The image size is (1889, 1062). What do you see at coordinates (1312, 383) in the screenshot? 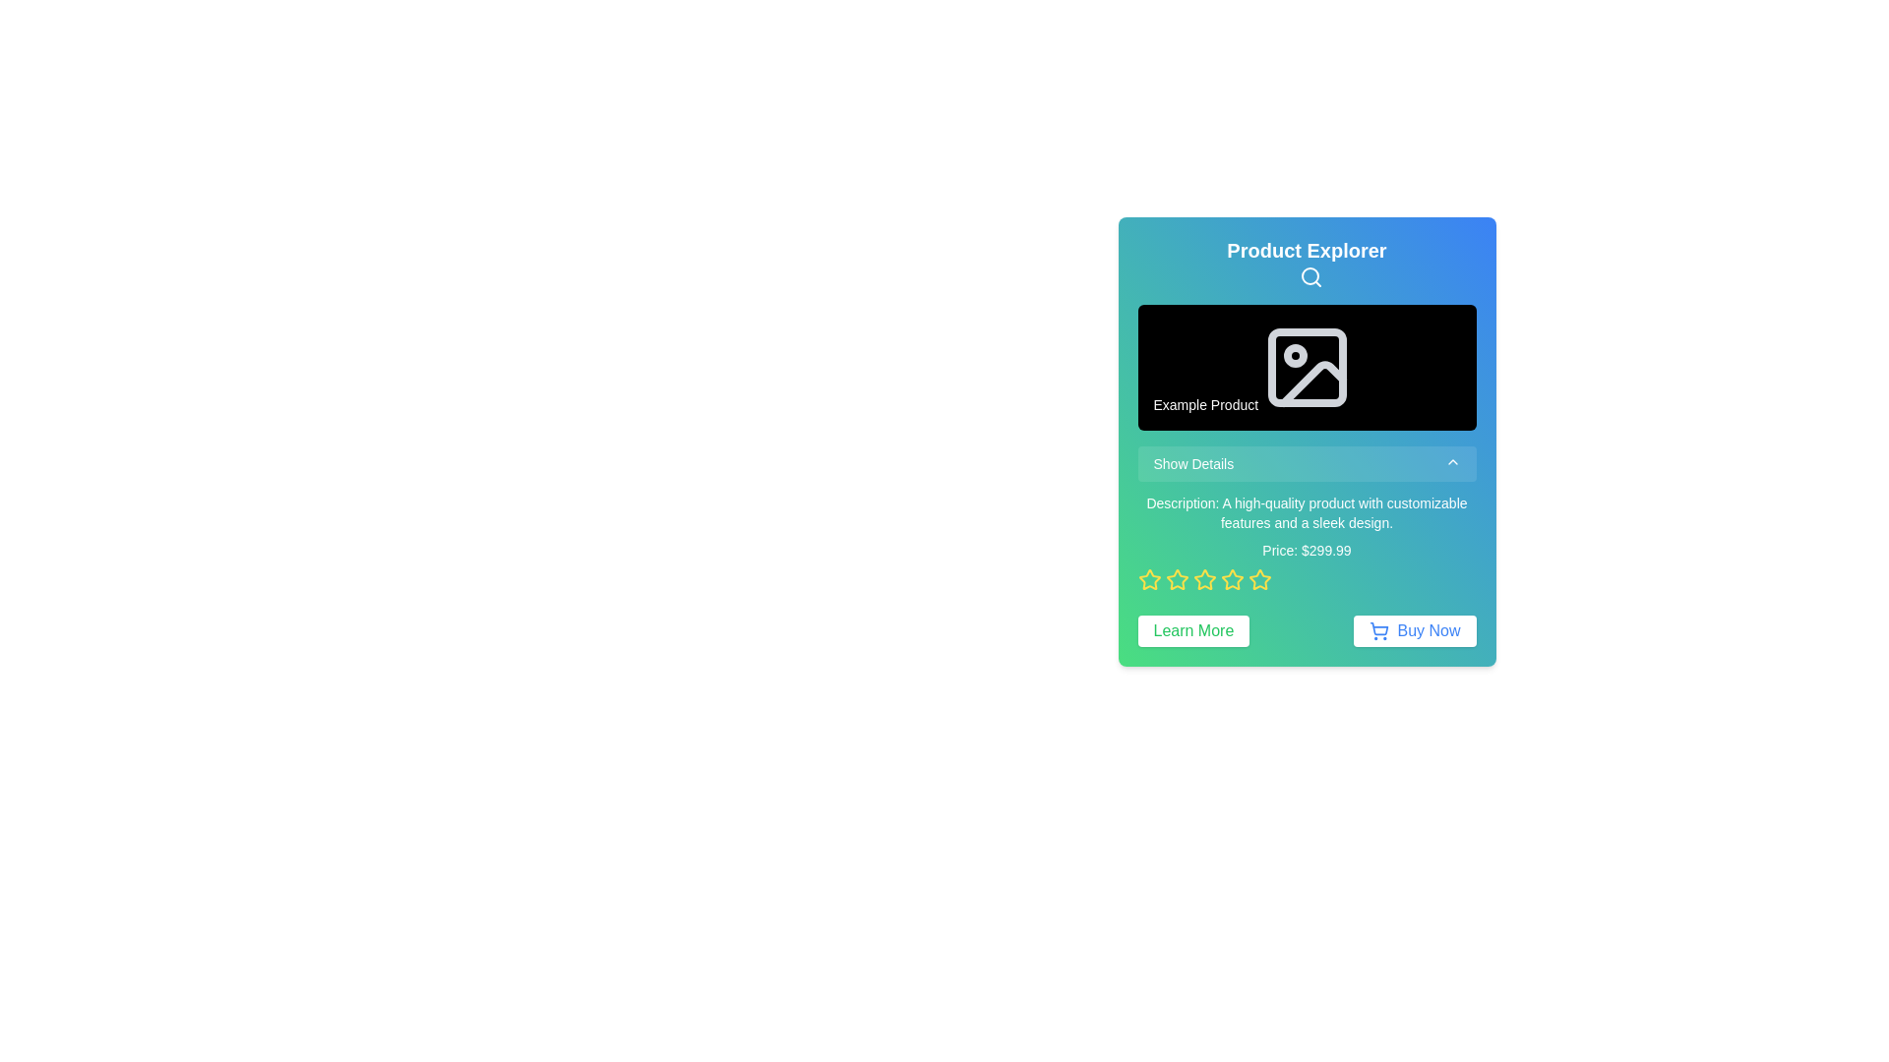
I see `the mountain peak icon located in the top right of the image placeholder UI component on the card` at bounding box center [1312, 383].